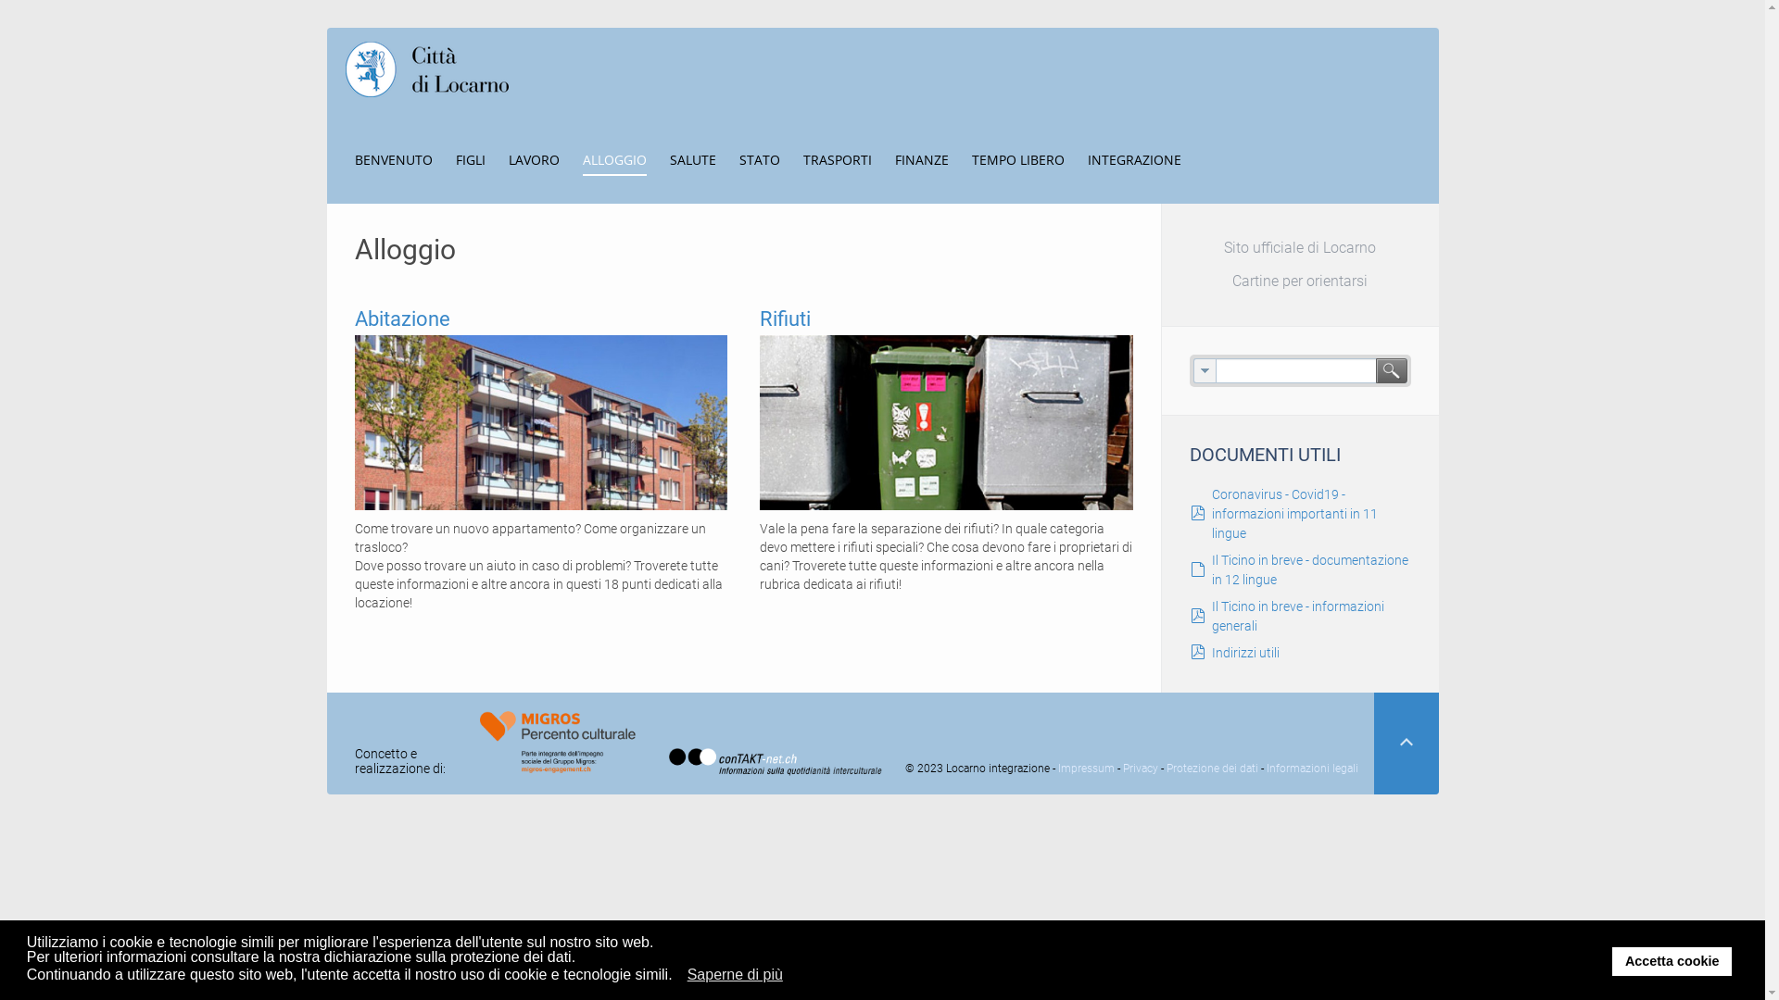 The width and height of the screenshot is (1779, 1000). I want to click on 'Sito ufficiale di Locarno', so click(1299, 246).